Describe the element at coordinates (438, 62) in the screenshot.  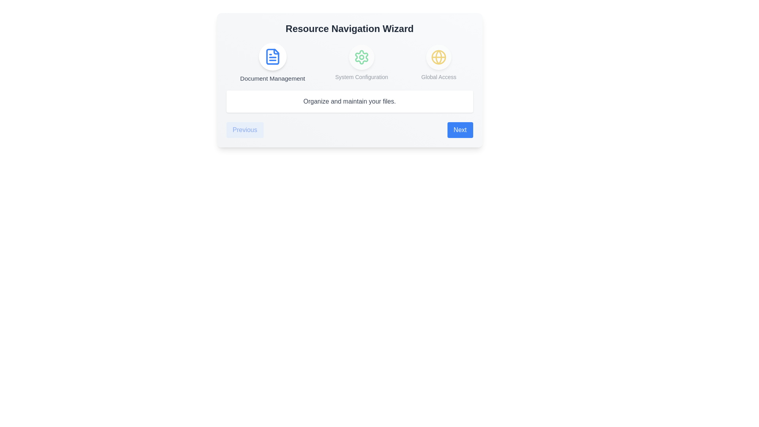
I see `the step icon corresponding to Global Access to navigate to that step` at that location.